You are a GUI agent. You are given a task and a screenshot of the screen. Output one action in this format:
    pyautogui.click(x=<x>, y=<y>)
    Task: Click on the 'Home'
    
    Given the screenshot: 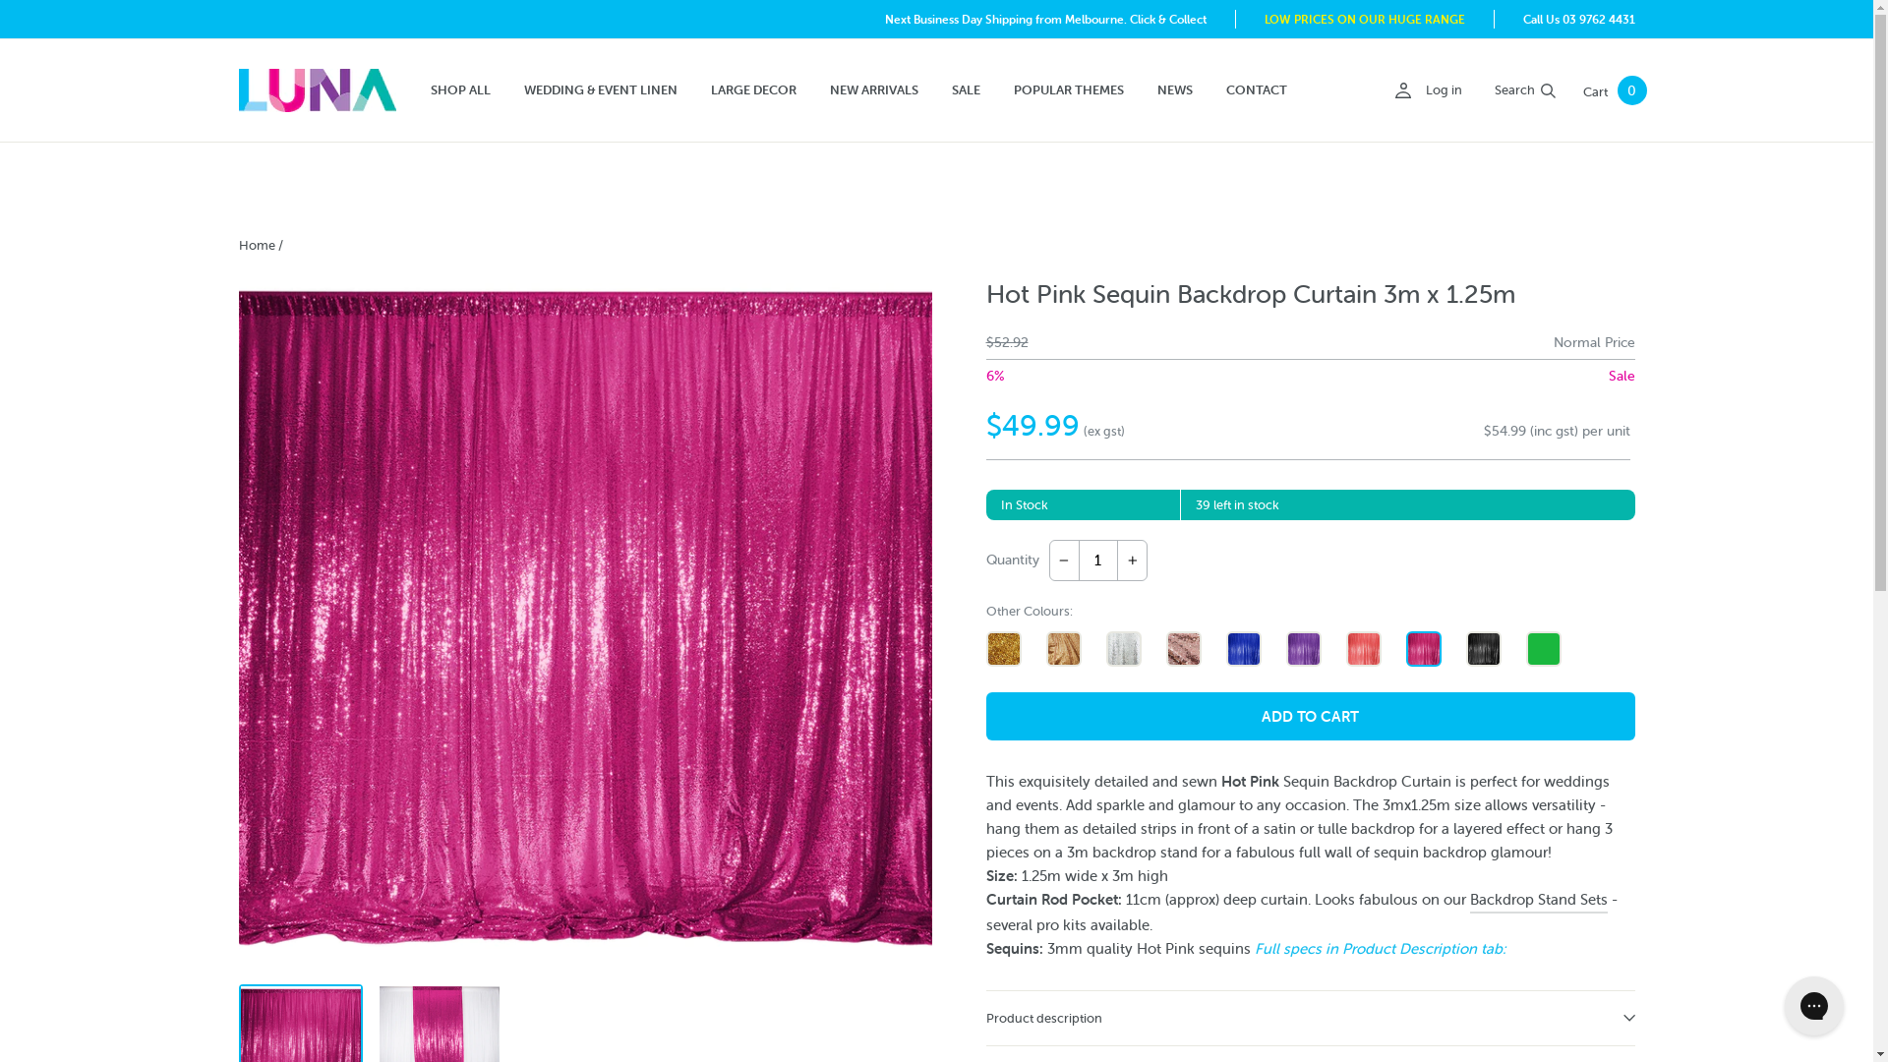 What is the action you would take?
    pyautogui.click(x=236, y=244)
    